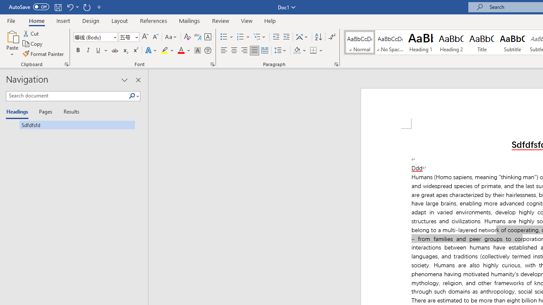  I want to click on 'Paragraph...', so click(336, 64).